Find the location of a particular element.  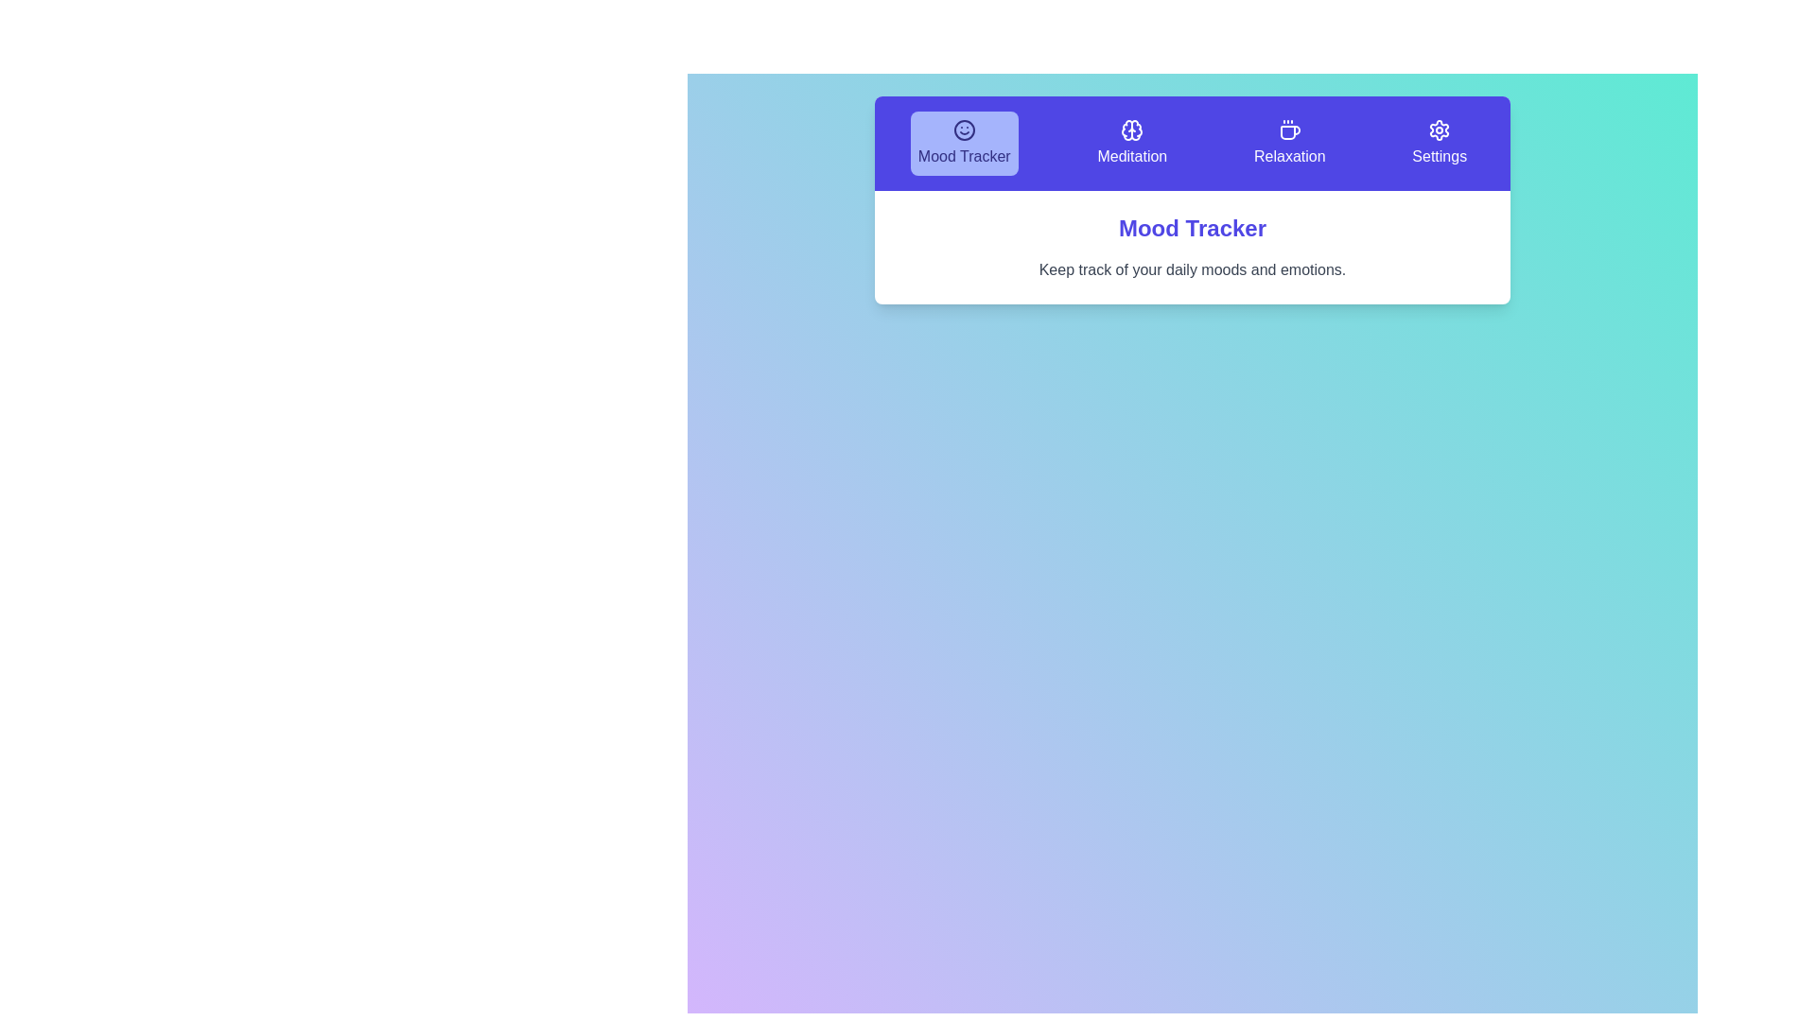

the brain-shaped icon with a white outline, located in the 'Meditation' menu item at the top of the interface is located at coordinates (1132, 130).